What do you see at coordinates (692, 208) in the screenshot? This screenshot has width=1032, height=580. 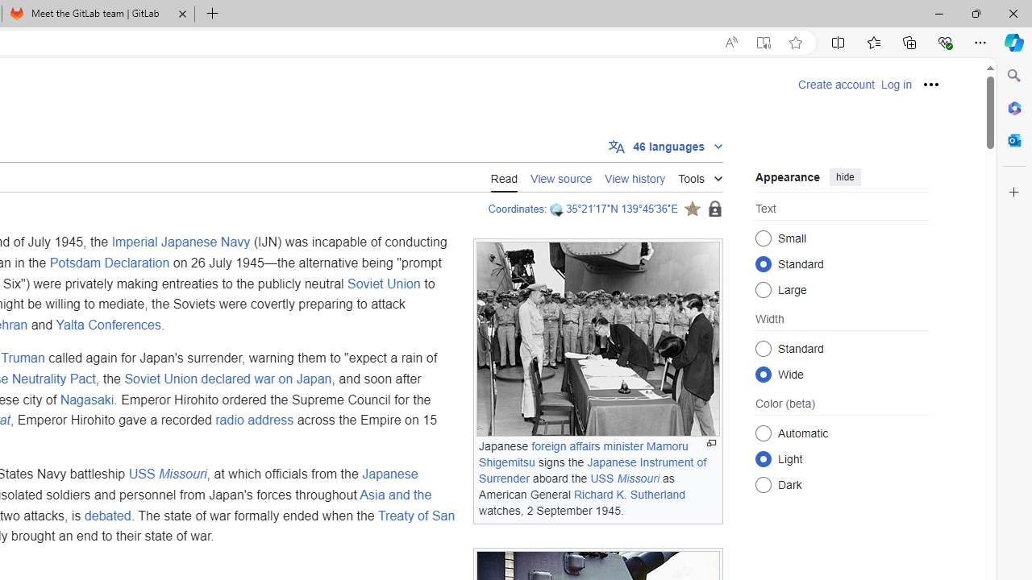 I see `'Featured article'` at bounding box center [692, 208].